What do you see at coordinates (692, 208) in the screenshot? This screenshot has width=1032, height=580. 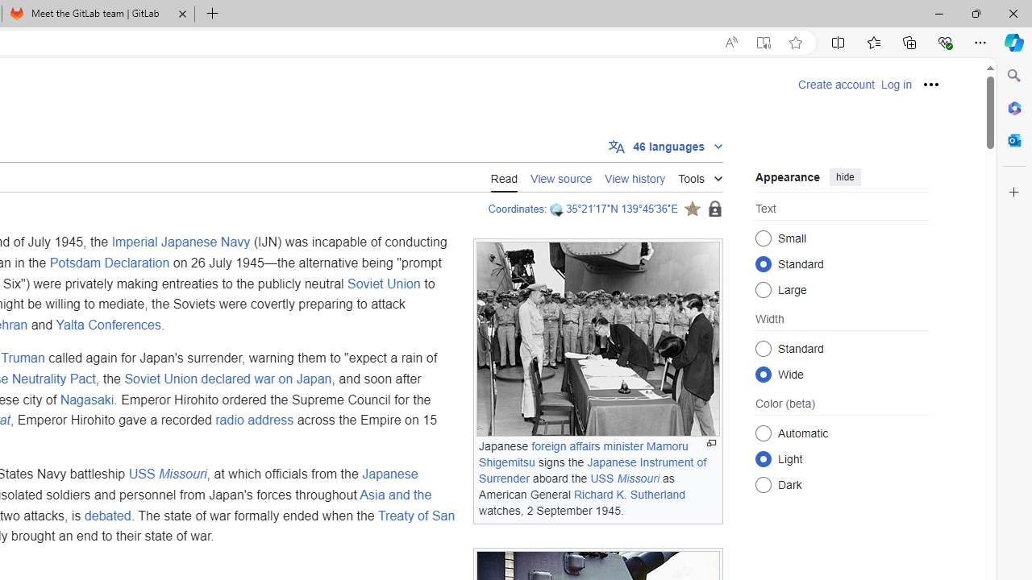 I see `'Featured article'` at bounding box center [692, 208].